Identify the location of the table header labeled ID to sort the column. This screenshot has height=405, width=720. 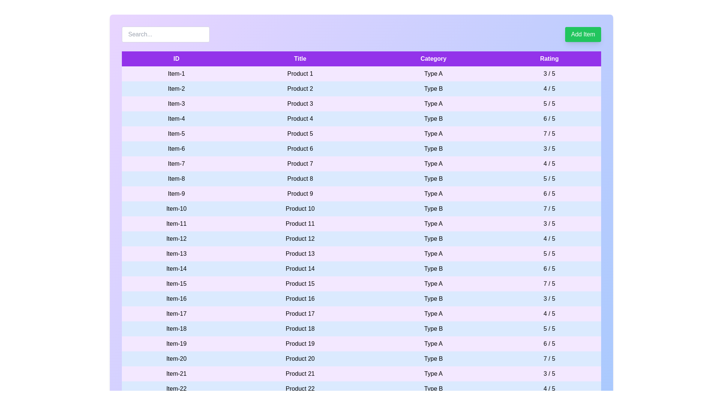
(176, 58).